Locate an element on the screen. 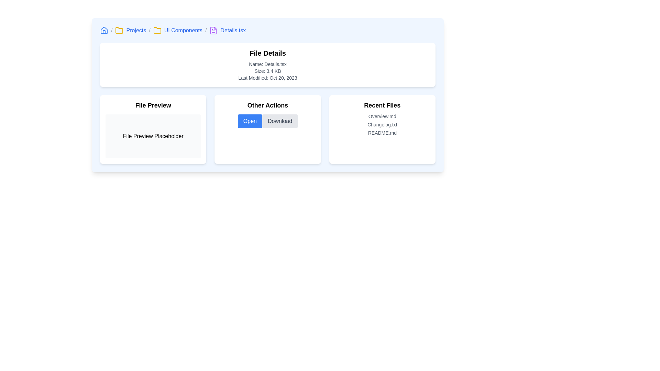  the separator located between 'Projects' and 'UI Components' in the breadcrumb navigation bar is located at coordinates (149, 30).